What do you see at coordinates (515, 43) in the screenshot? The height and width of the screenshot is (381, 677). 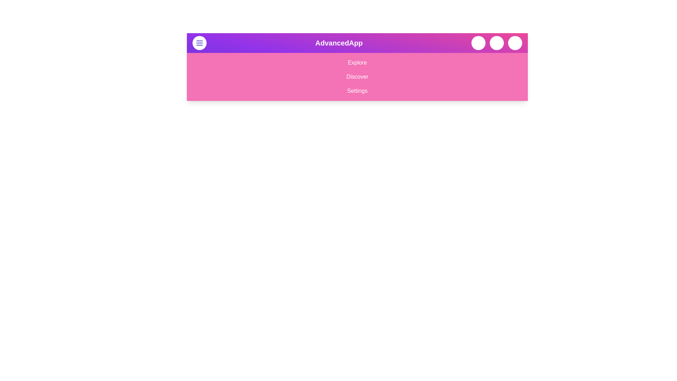 I see `the user icon to access user settings` at bounding box center [515, 43].